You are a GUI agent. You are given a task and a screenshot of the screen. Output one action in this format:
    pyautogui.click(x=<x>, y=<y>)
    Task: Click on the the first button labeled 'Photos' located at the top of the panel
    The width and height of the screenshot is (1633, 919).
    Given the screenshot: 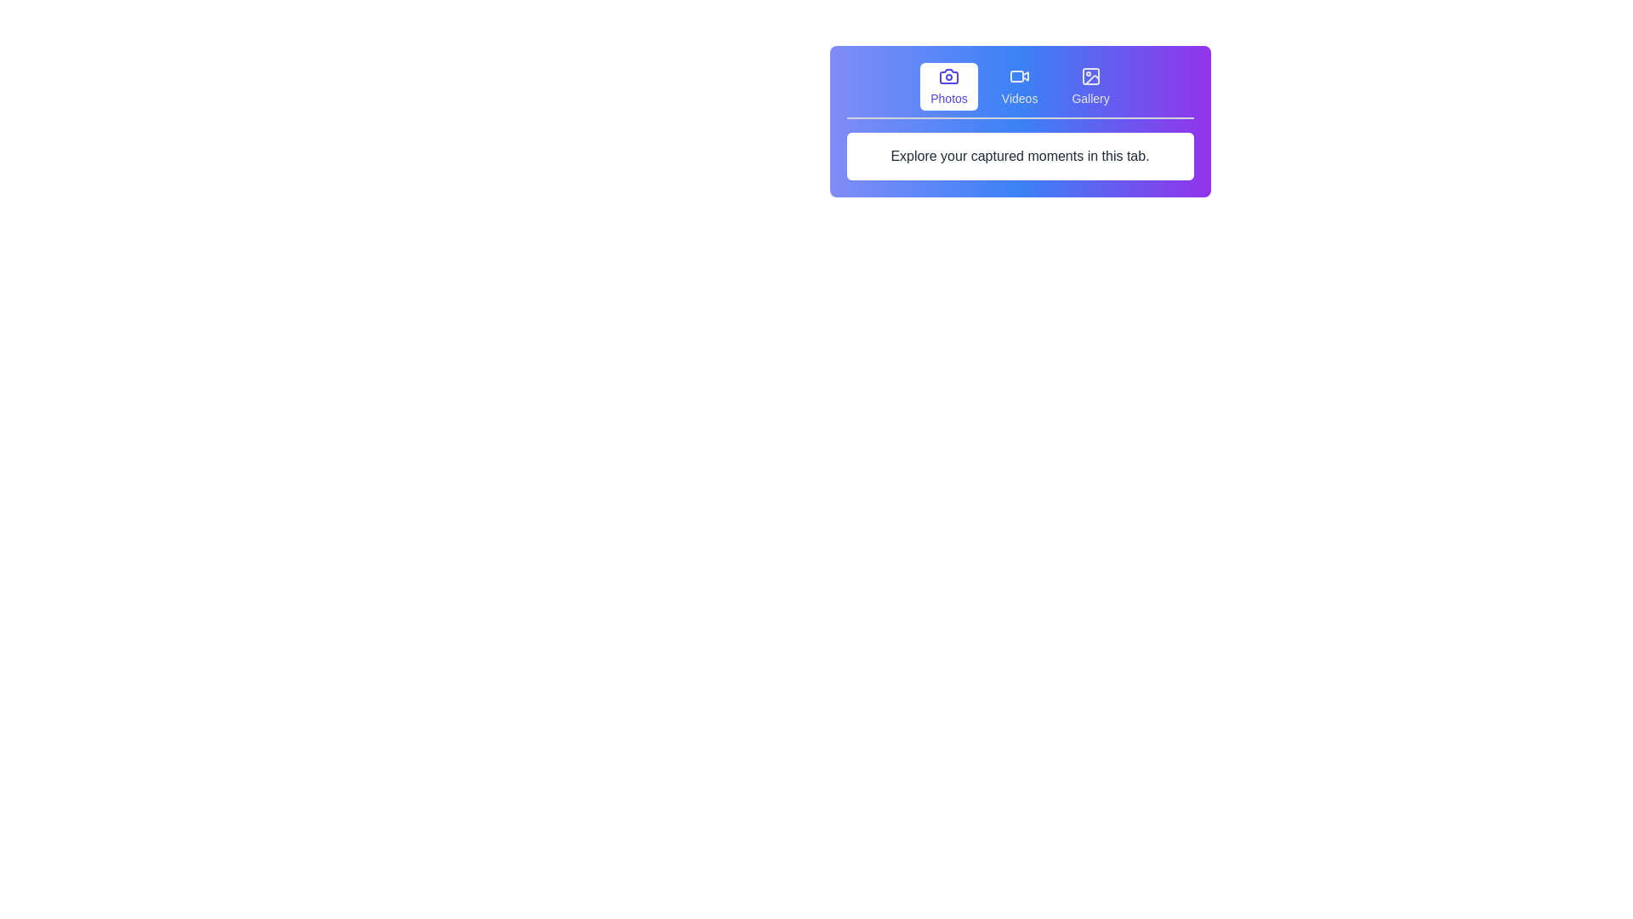 What is the action you would take?
    pyautogui.click(x=948, y=86)
    